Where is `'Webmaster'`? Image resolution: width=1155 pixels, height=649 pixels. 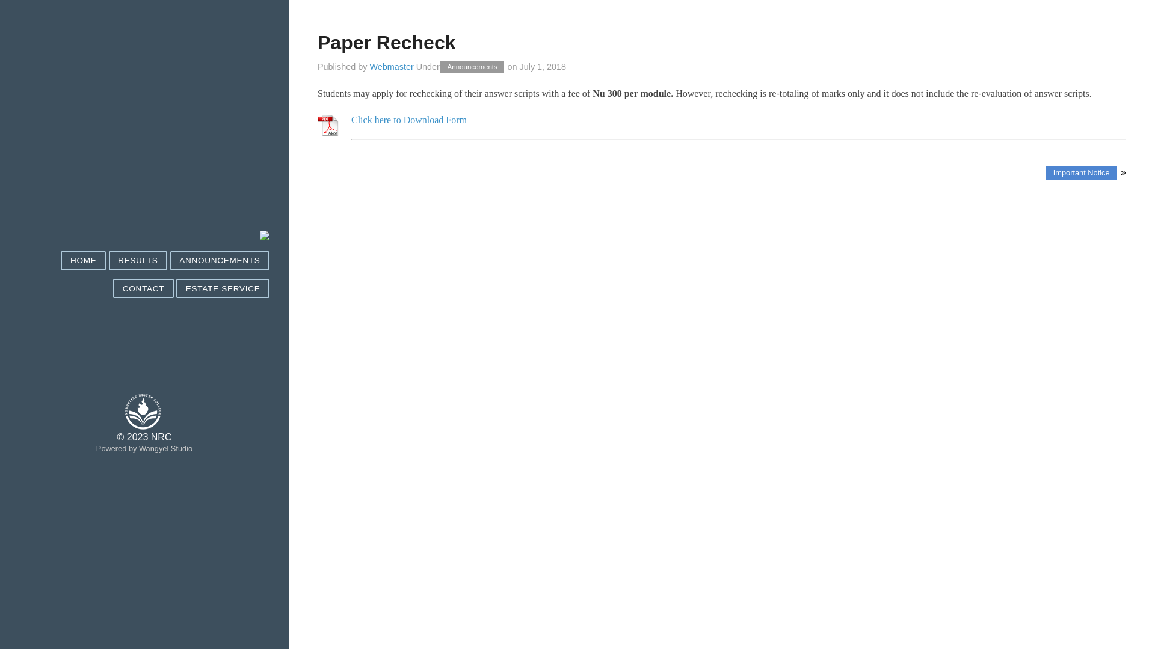 'Webmaster' is located at coordinates (391, 67).